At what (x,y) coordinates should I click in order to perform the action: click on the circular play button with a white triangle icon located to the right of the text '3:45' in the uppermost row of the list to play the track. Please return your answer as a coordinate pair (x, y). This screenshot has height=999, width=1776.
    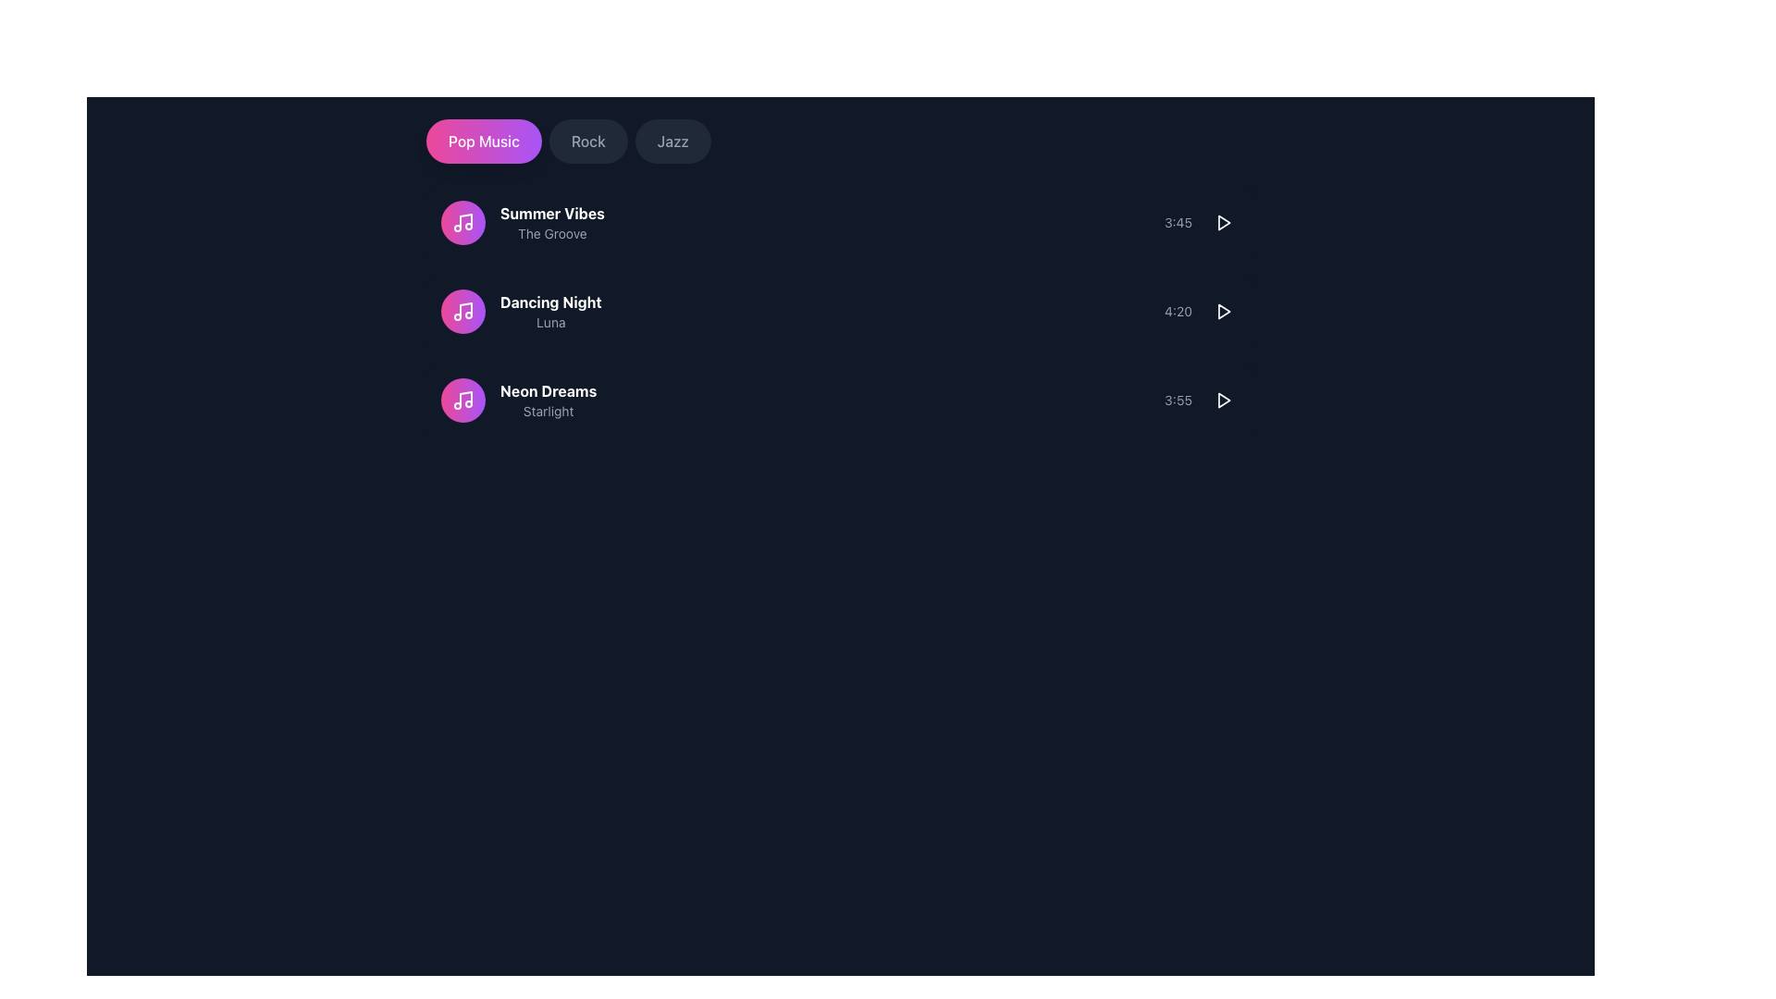
    Looking at the image, I should click on (1224, 221).